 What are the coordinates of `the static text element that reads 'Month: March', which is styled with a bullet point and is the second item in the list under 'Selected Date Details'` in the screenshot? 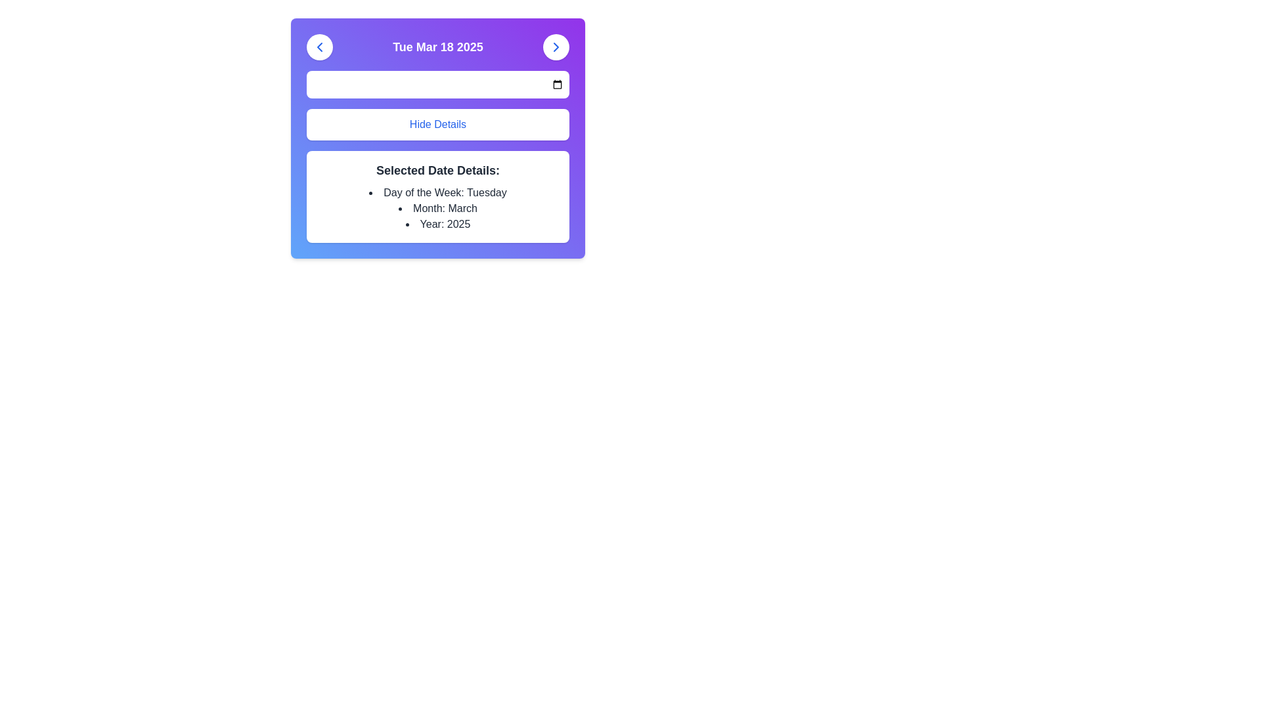 It's located at (438, 207).